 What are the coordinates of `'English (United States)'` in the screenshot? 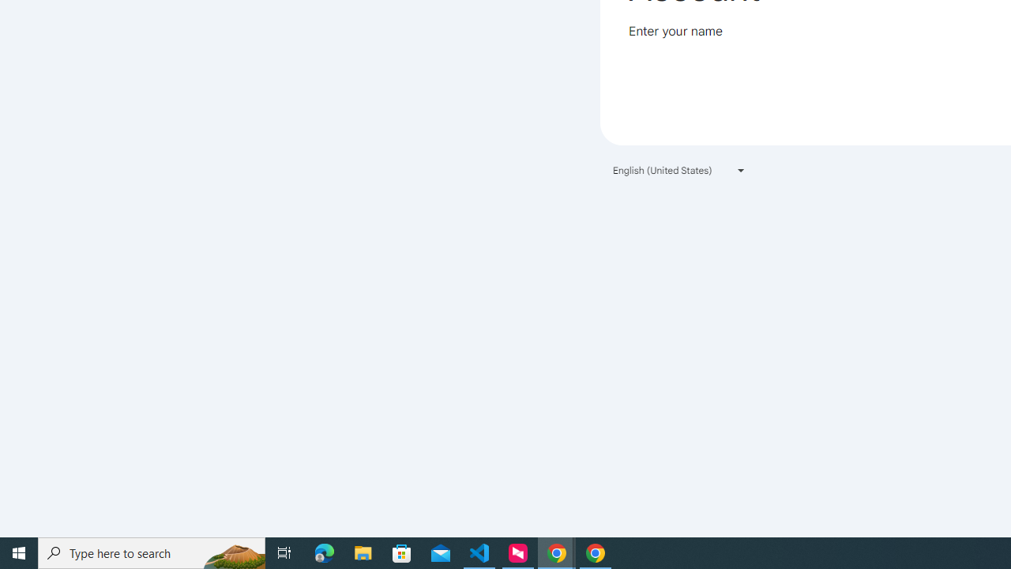 It's located at (679, 170).